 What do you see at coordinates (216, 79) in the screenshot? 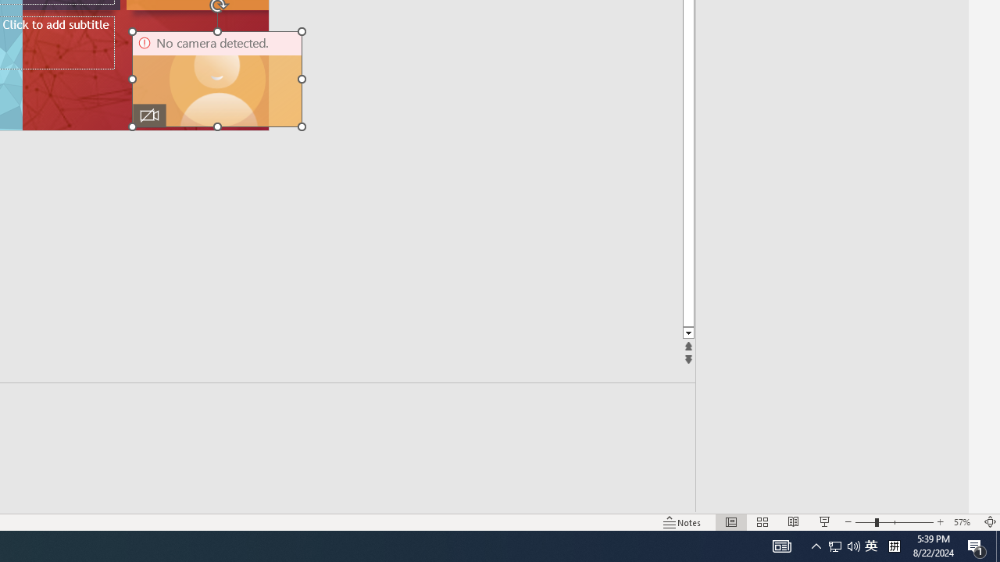
I see `'Camera 14, No camera detected.'` at bounding box center [216, 79].